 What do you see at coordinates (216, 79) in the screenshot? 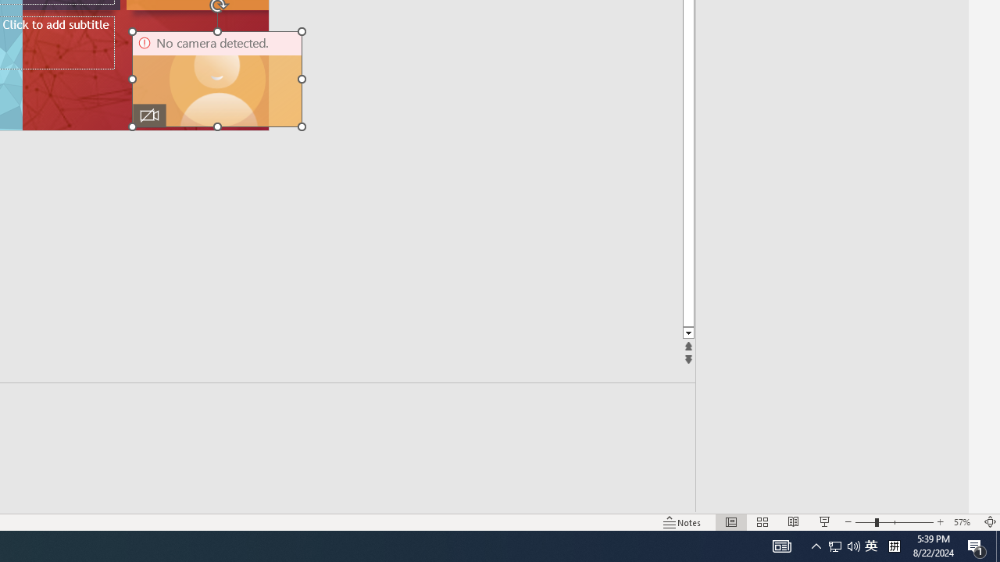
I see `'Camera 14, No camera detected.'` at bounding box center [216, 79].